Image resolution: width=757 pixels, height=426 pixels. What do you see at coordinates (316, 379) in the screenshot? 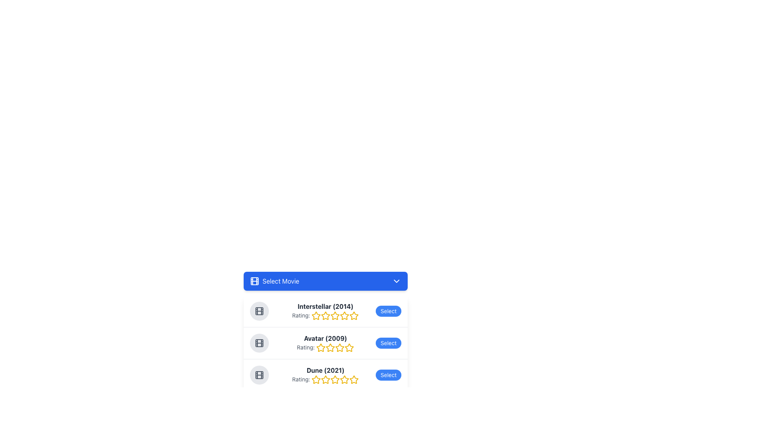
I see `the first star in the rating component for the movie 'Dune (2021)'` at bounding box center [316, 379].